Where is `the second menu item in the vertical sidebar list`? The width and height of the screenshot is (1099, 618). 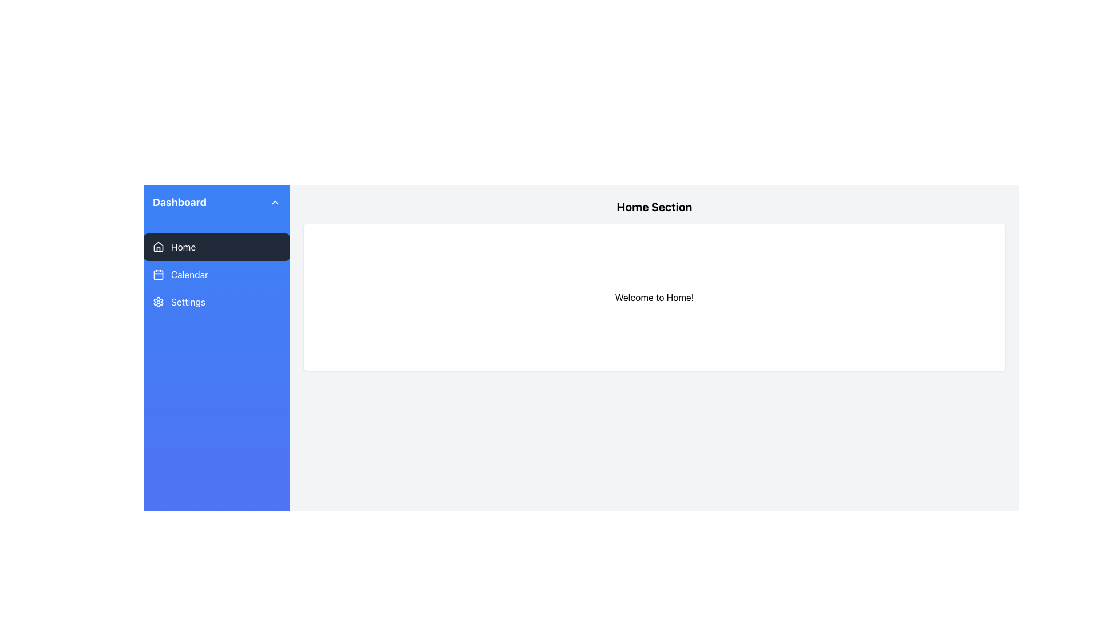 the second menu item in the vertical sidebar list is located at coordinates (217, 274).